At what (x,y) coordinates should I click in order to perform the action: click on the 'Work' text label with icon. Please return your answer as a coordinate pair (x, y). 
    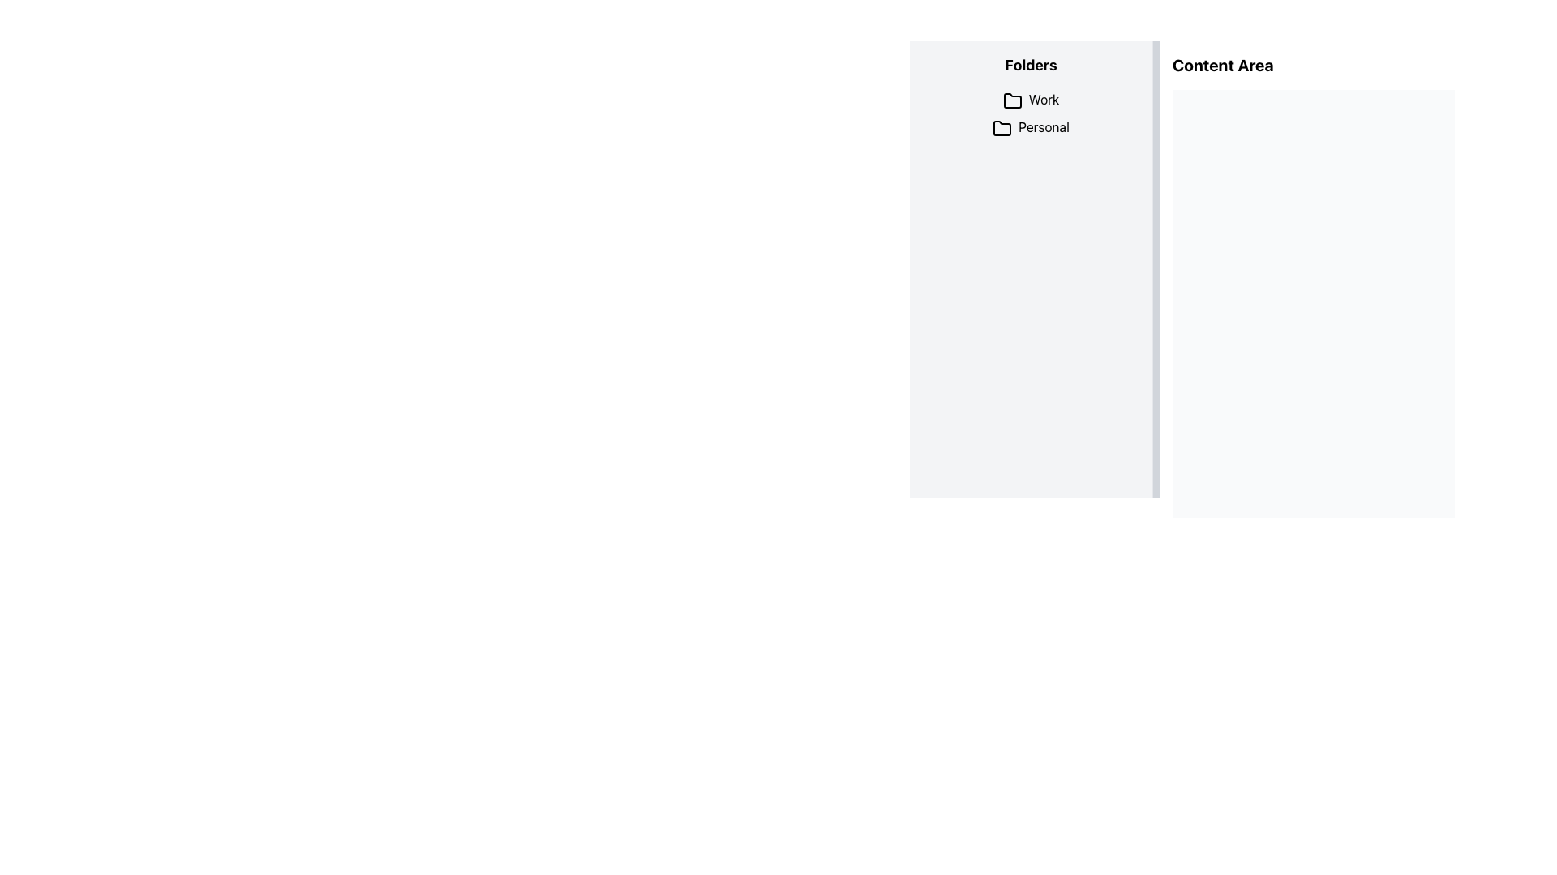
    Looking at the image, I should click on (1030, 100).